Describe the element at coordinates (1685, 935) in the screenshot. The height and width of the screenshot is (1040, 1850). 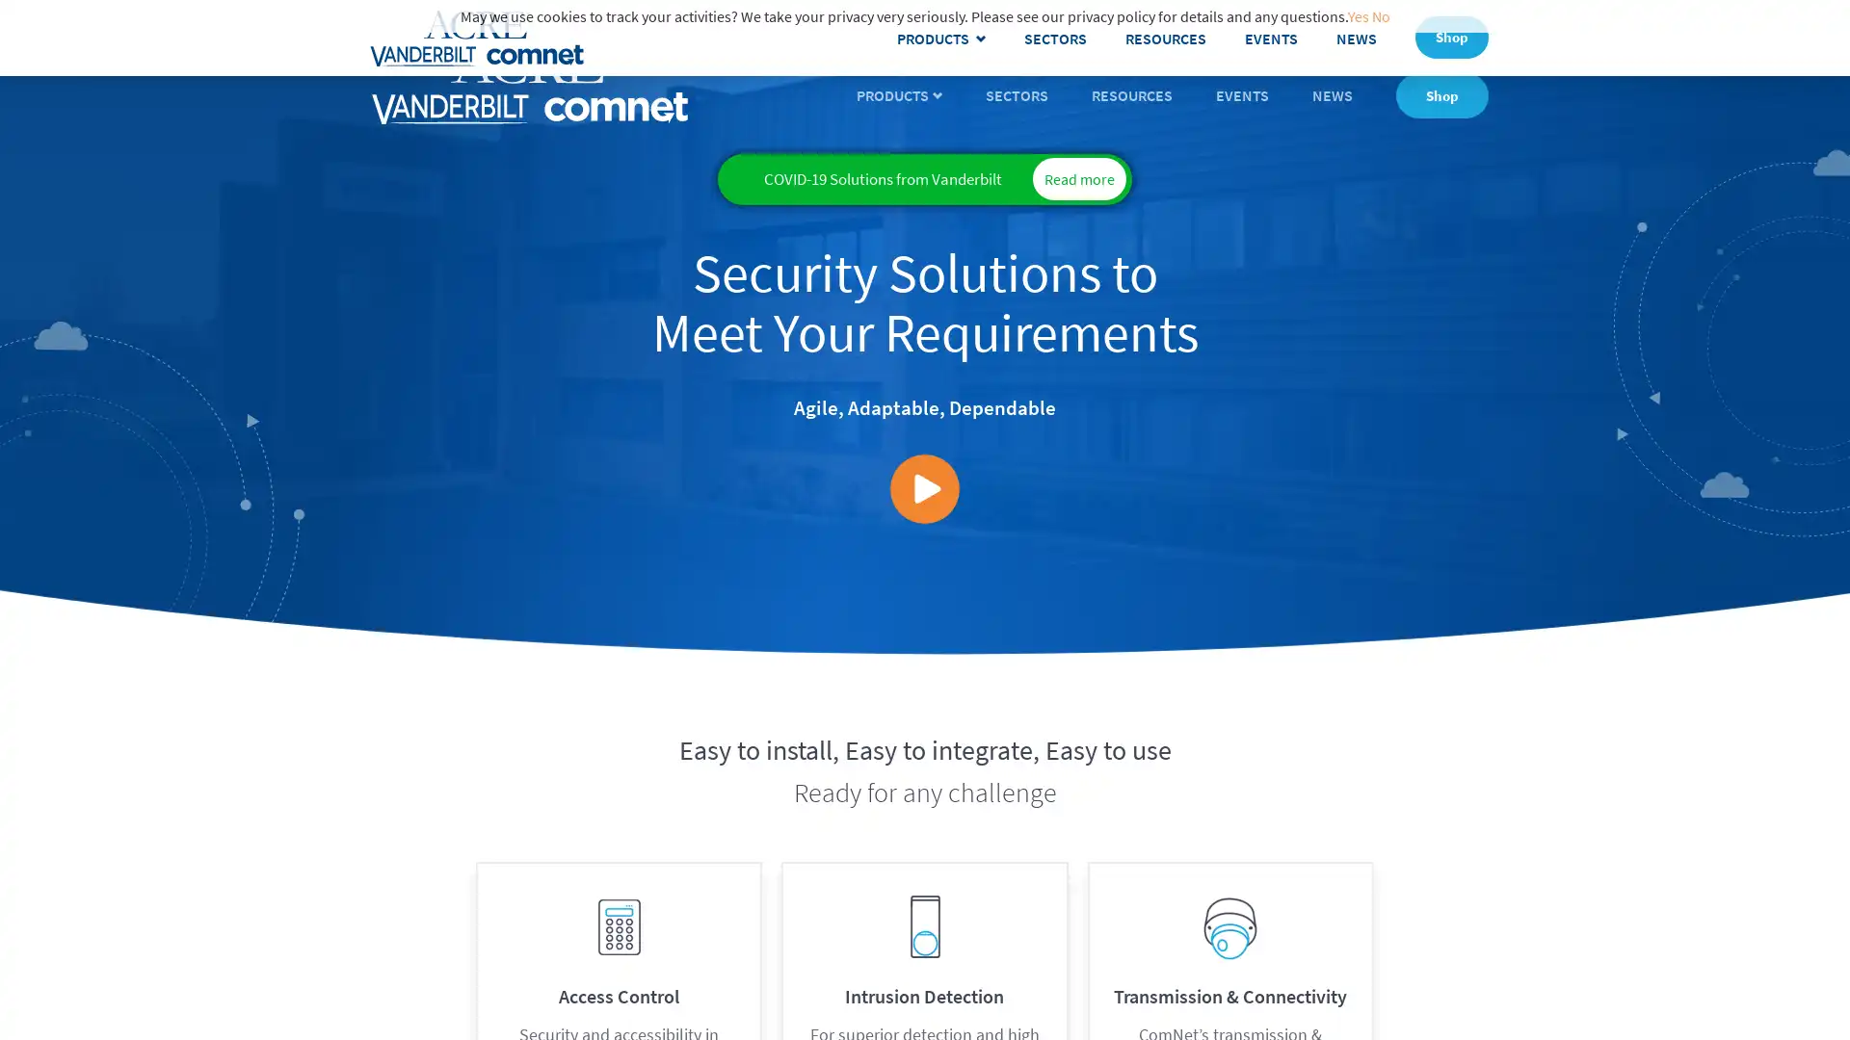
I see `Join the journey!` at that location.